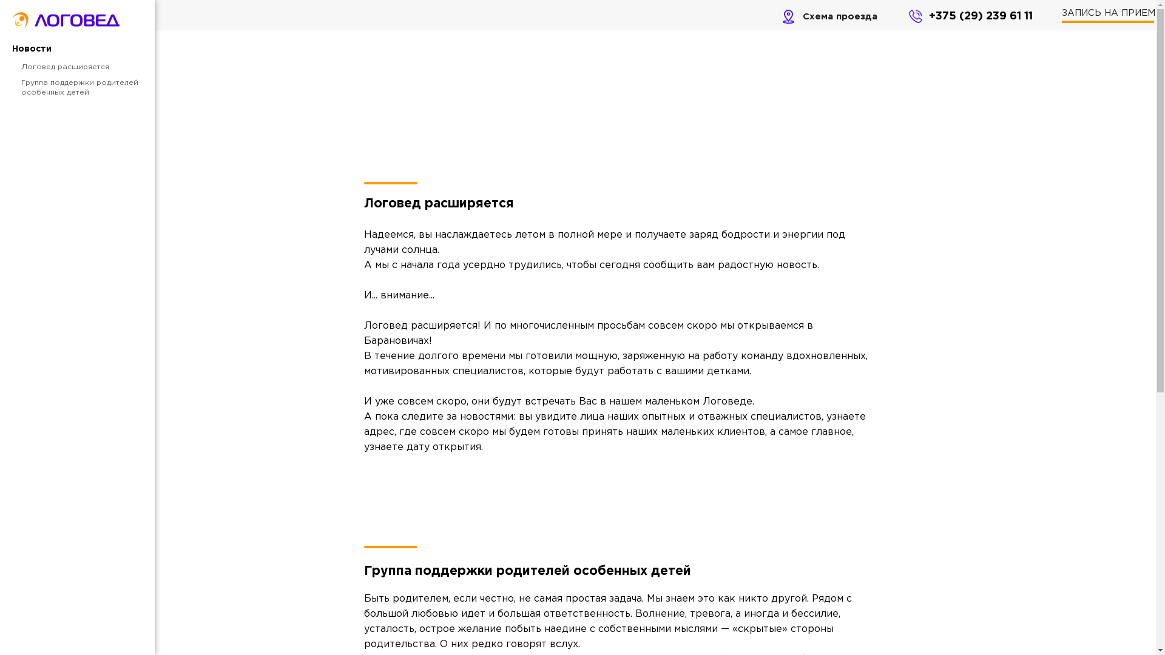 This screenshot has width=1165, height=655. Describe the element at coordinates (981, 16) in the screenshot. I see `'+375 (29) 239 61 11'` at that location.